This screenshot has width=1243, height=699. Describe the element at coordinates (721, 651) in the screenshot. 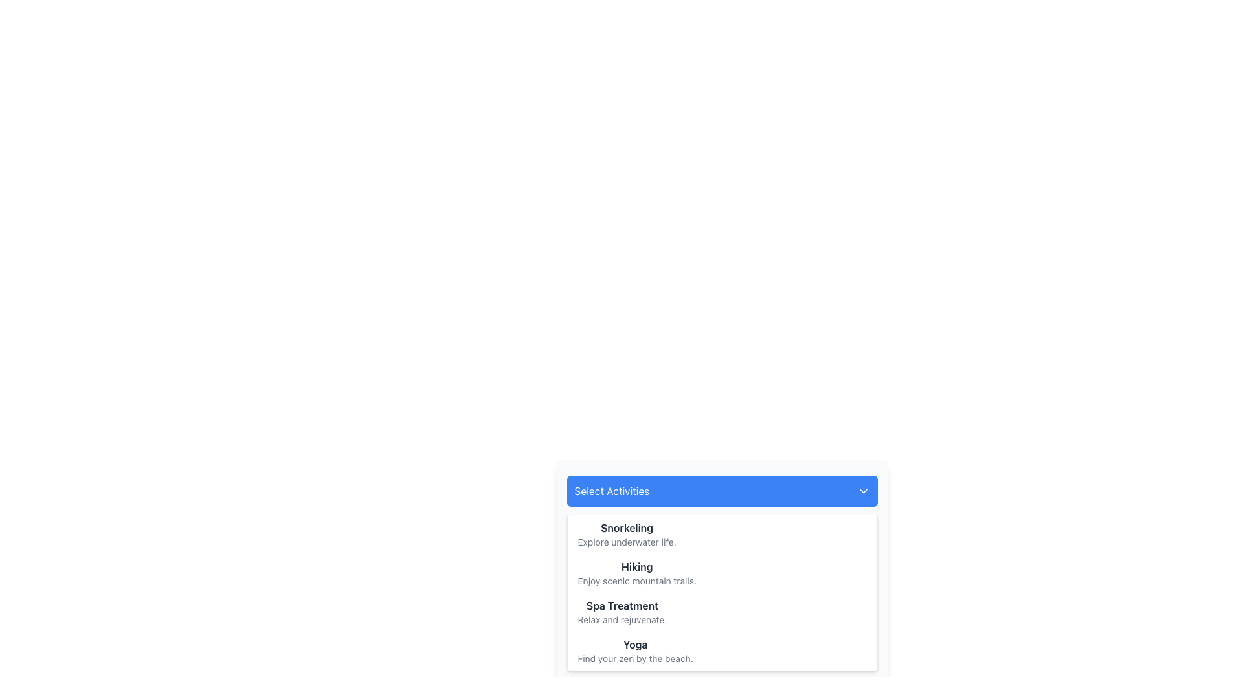

I see `the fourth and last option of the dropdown list labeled 'Select Activities', which provides information about yoga as a selection for further action` at that location.